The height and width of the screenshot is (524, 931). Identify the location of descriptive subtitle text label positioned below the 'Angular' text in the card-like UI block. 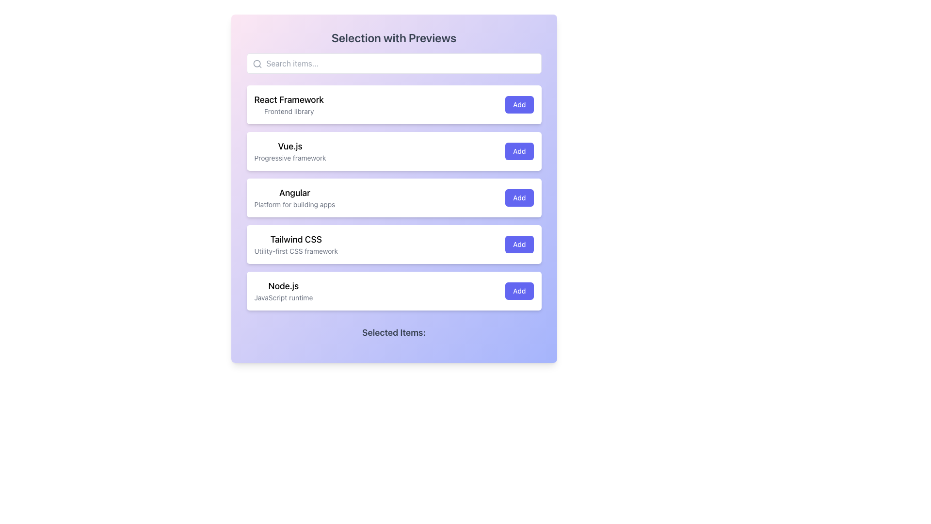
(294, 204).